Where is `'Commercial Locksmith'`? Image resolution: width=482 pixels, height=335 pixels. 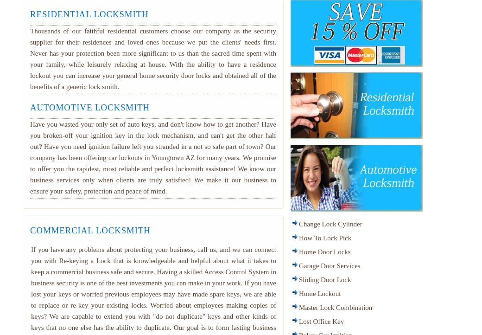
'Commercial Locksmith' is located at coordinates (90, 230).